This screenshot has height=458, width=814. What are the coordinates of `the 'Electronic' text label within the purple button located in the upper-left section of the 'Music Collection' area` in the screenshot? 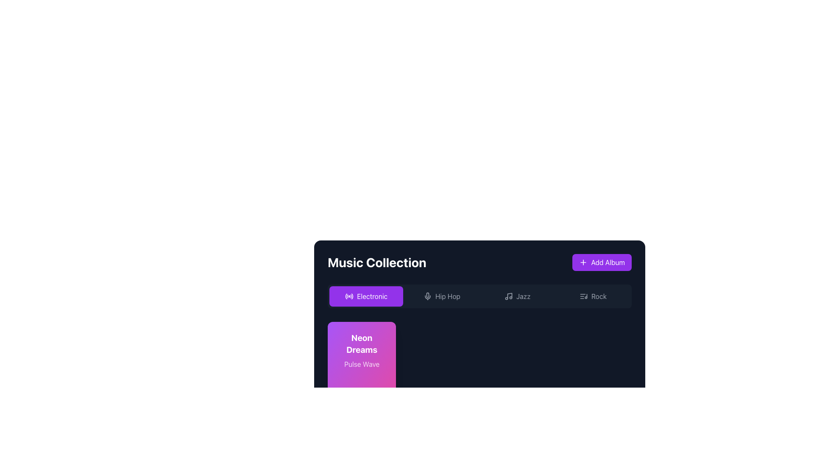 It's located at (372, 296).